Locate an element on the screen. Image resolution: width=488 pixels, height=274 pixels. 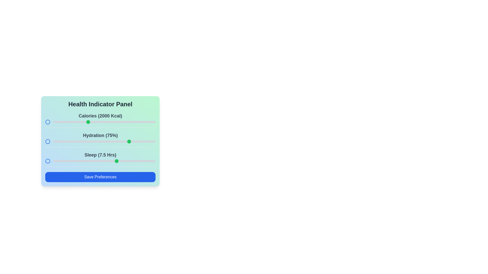
the calories slider to 2000 kcal is located at coordinates (87, 122).